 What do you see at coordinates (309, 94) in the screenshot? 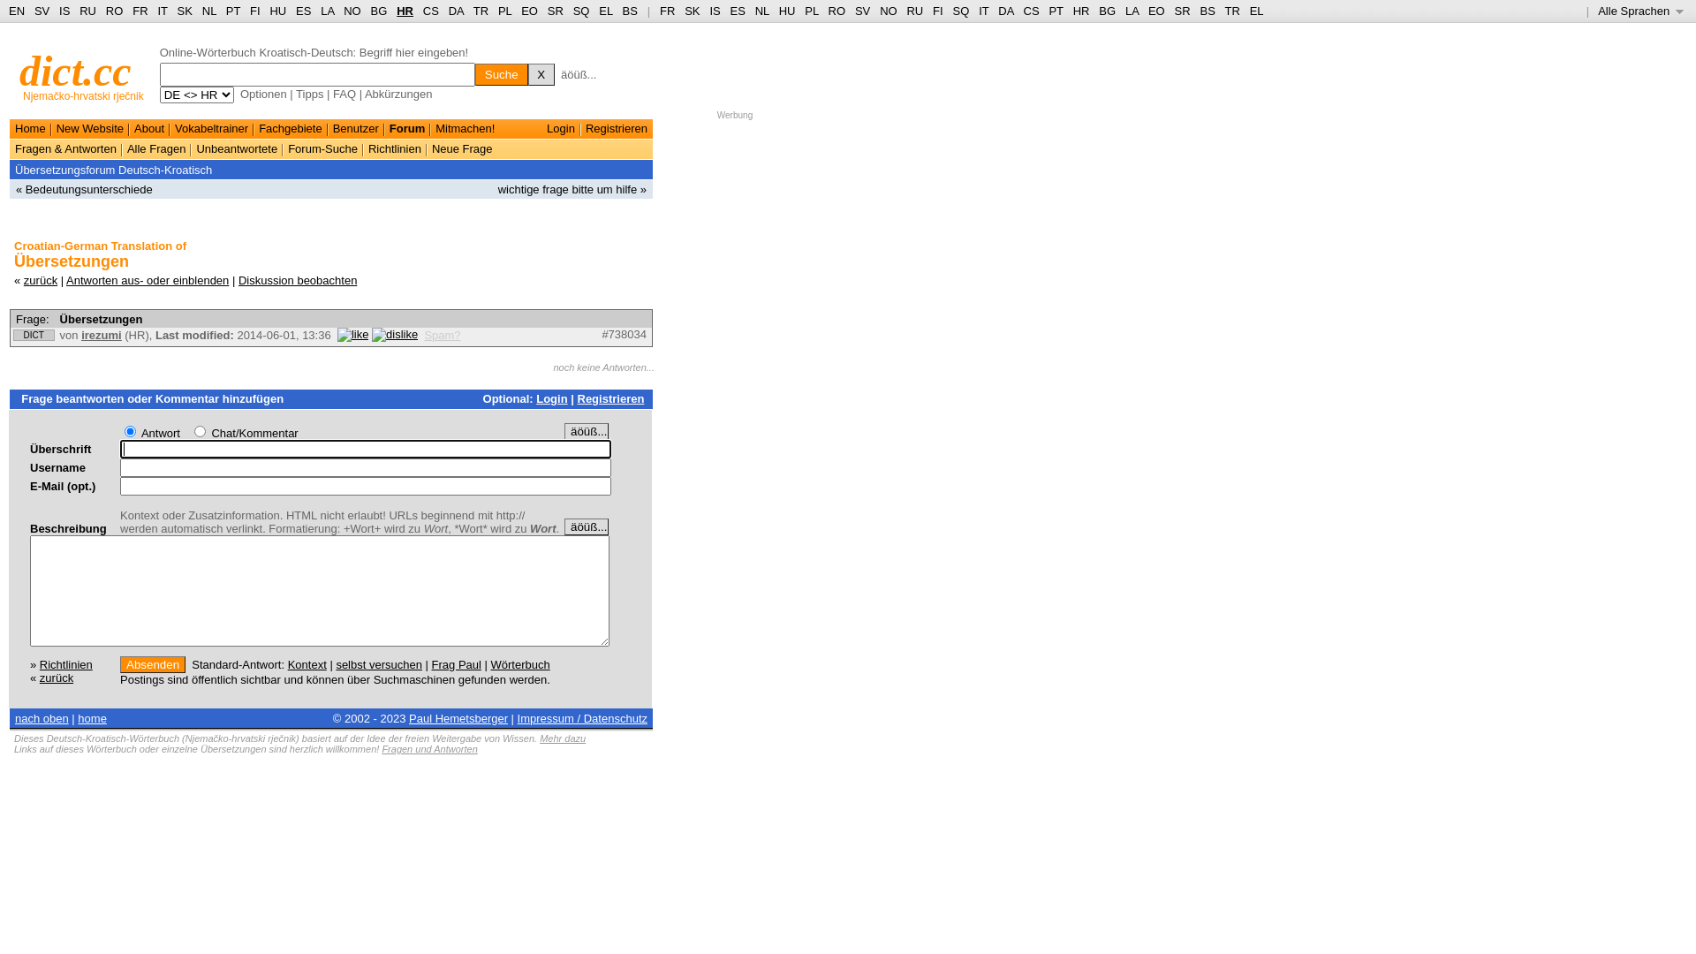
I see `'Tipps'` at bounding box center [309, 94].